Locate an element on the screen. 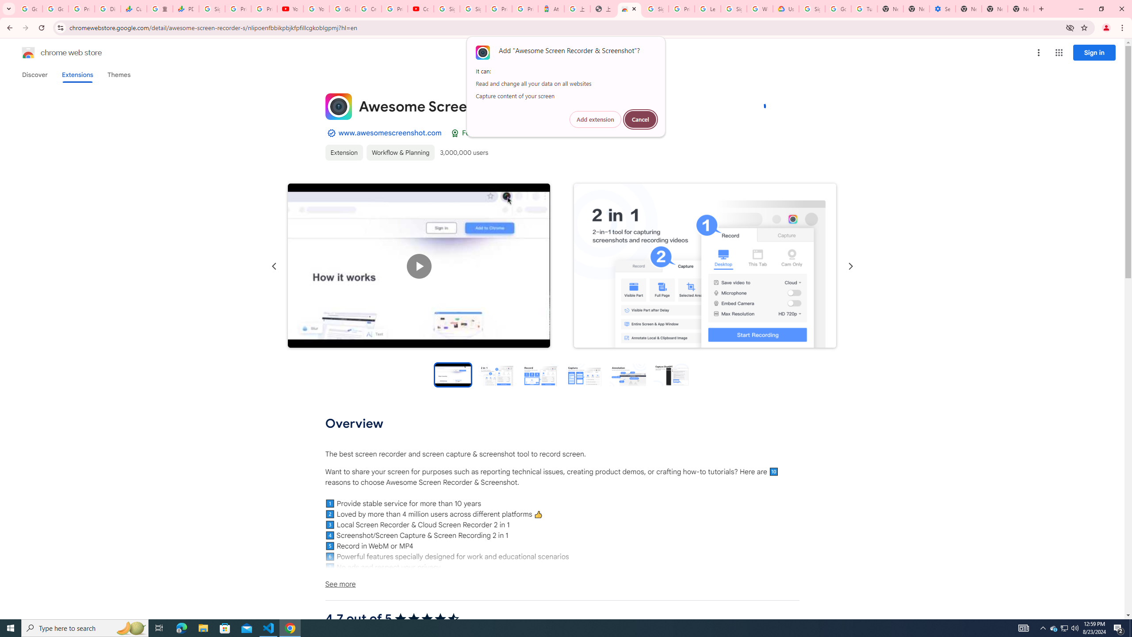 Image resolution: width=1132 pixels, height=637 pixels. 'Item media 2 screenshot' is located at coordinates (704, 266).